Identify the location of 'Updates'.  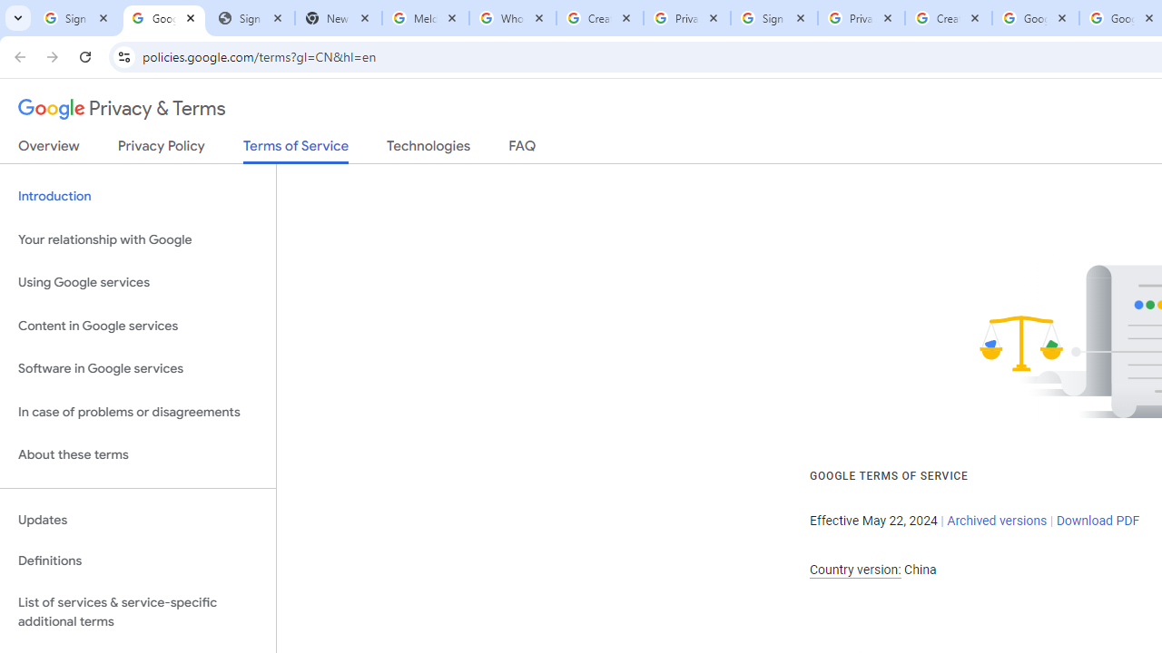
(137, 520).